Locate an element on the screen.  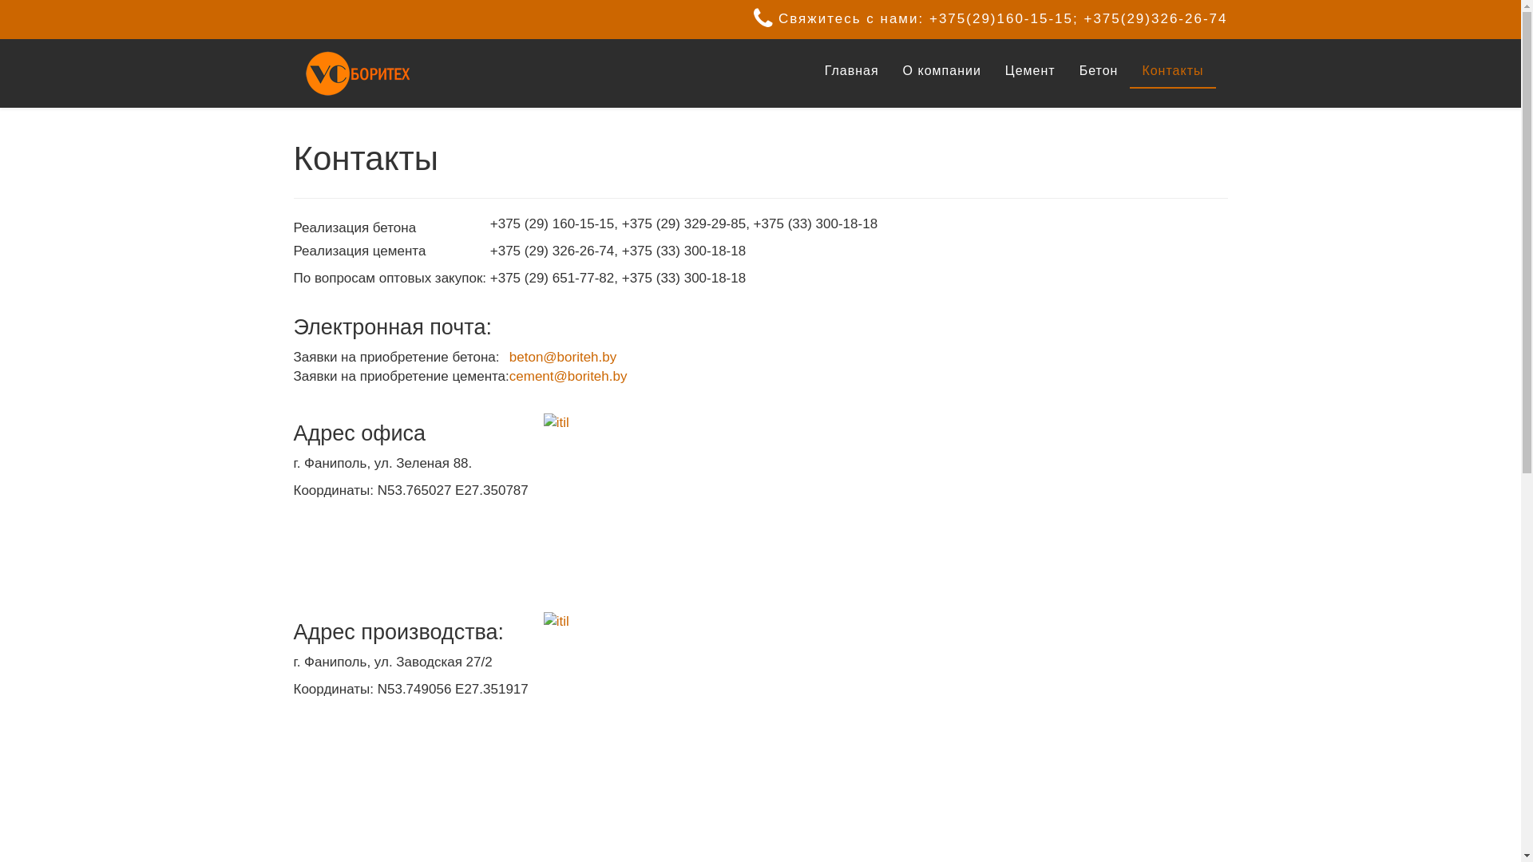
'cement@boriteh.by' is located at coordinates (568, 376).